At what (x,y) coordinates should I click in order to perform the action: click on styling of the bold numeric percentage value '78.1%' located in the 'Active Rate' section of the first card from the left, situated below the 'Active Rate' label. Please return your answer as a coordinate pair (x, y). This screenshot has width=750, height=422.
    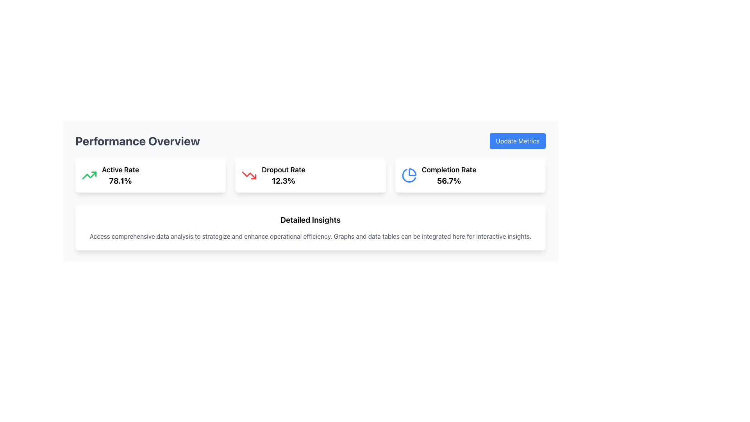
    Looking at the image, I should click on (120, 181).